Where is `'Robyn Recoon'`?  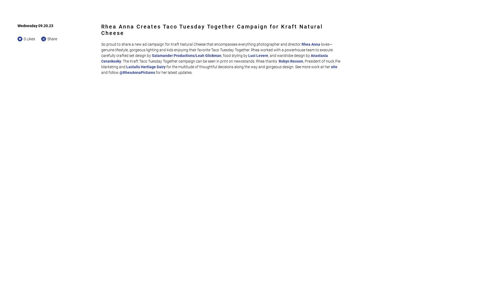
'Robyn Recoon' is located at coordinates (291, 61).